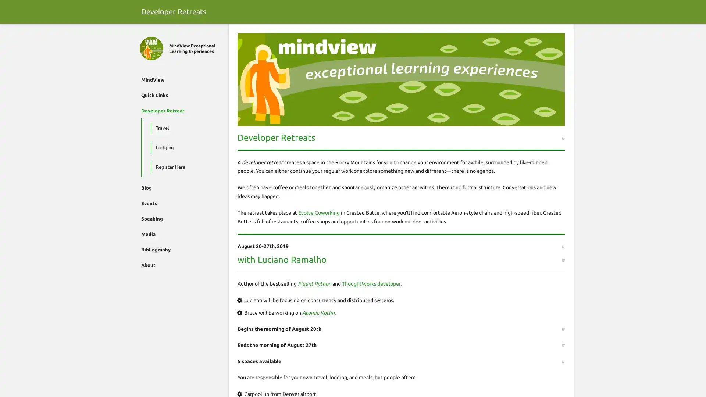 Image resolution: width=706 pixels, height=397 pixels. Describe the element at coordinates (561, 32) in the screenshot. I see `Search` at that location.